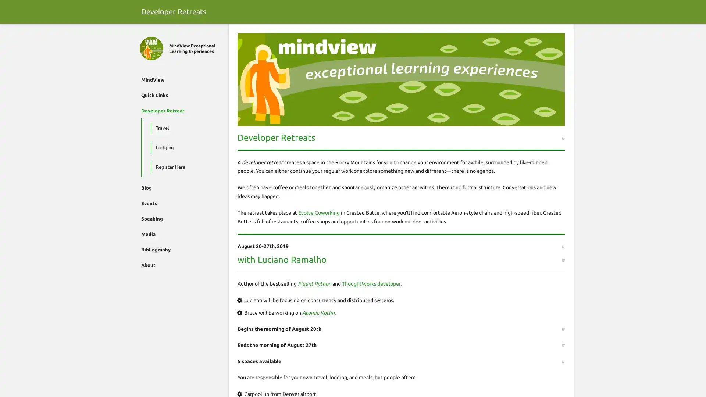 Image resolution: width=706 pixels, height=397 pixels. Describe the element at coordinates (561, 32) in the screenshot. I see `Search` at that location.